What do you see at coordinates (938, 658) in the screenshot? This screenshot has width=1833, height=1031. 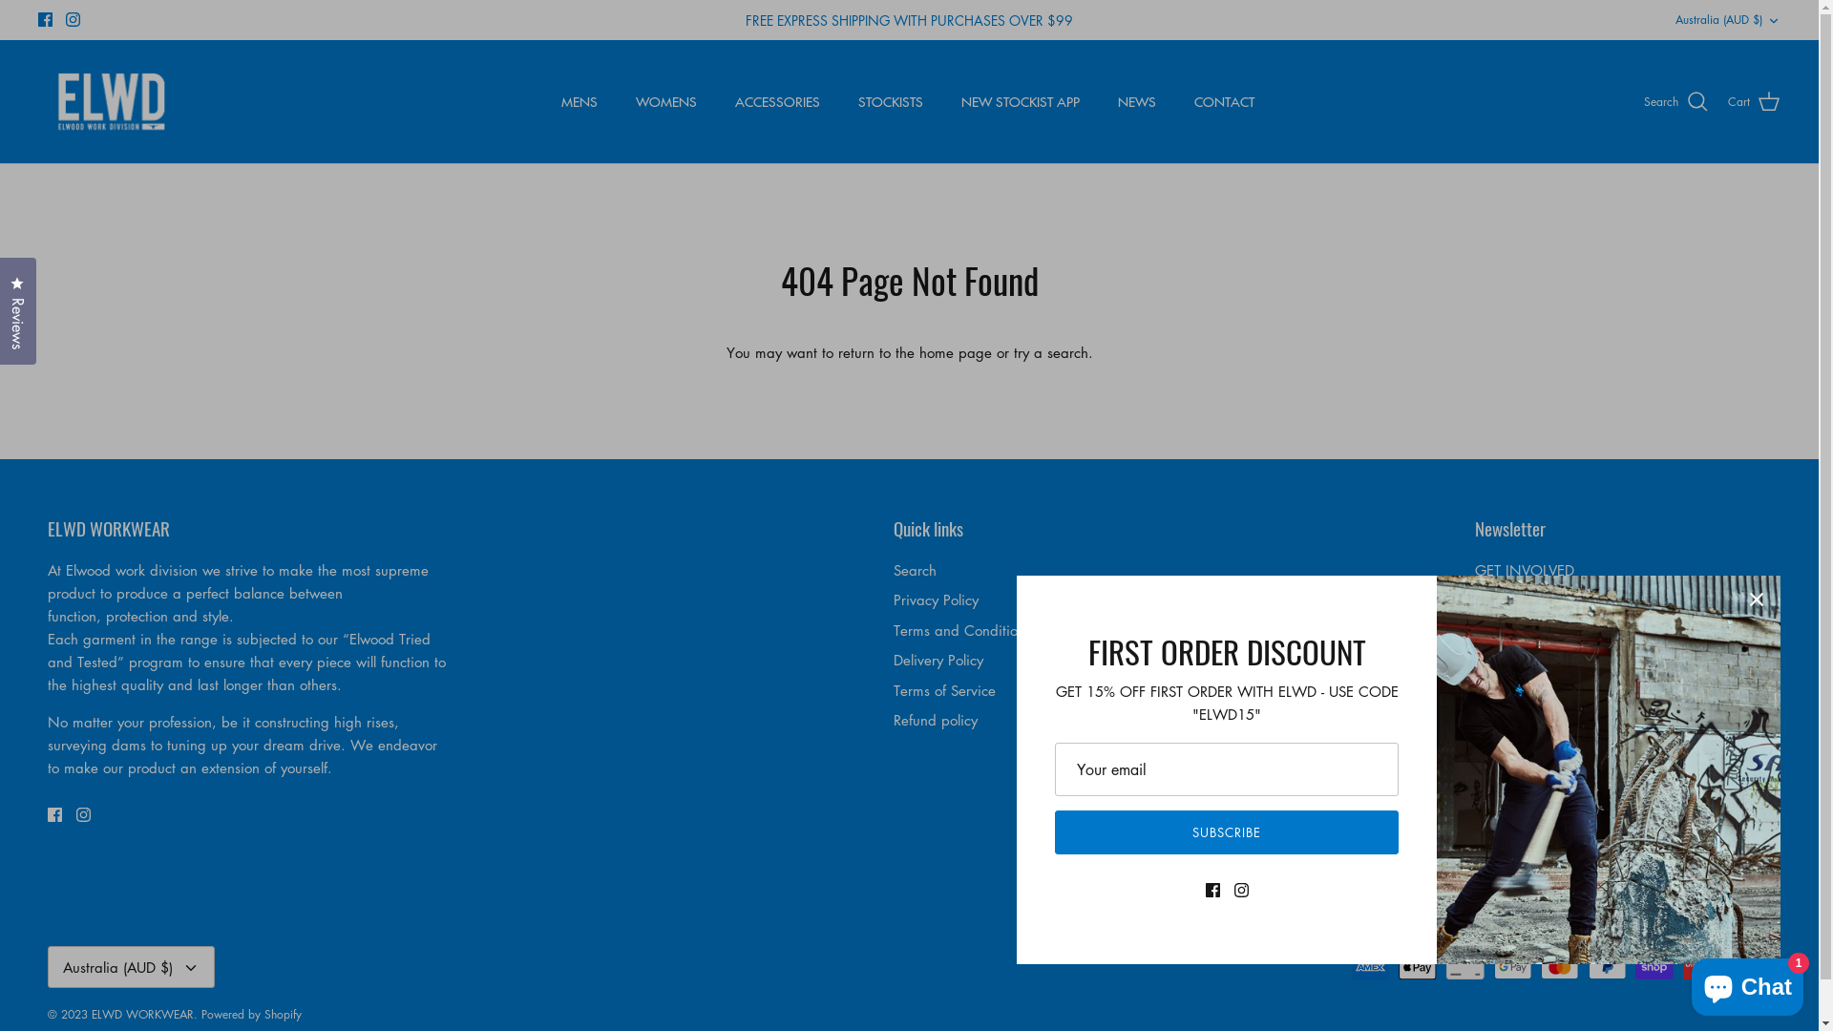 I see `'Delivery Policy'` at bounding box center [938, 658].